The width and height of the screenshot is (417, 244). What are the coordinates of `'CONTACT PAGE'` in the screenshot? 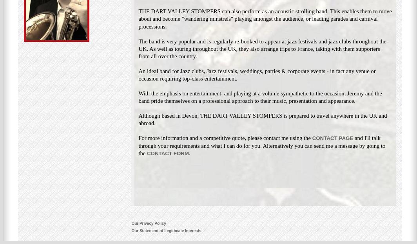 It's located at (332, 138).